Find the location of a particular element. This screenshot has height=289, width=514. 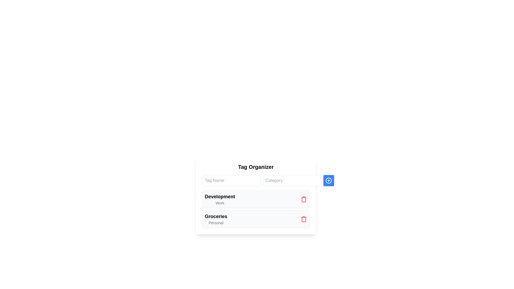

text from the primary title Text Label located on the left side of the first row in the 'Tag Organizer' interface, above the smaller label 'Work' is located at coordinates (220, 197).